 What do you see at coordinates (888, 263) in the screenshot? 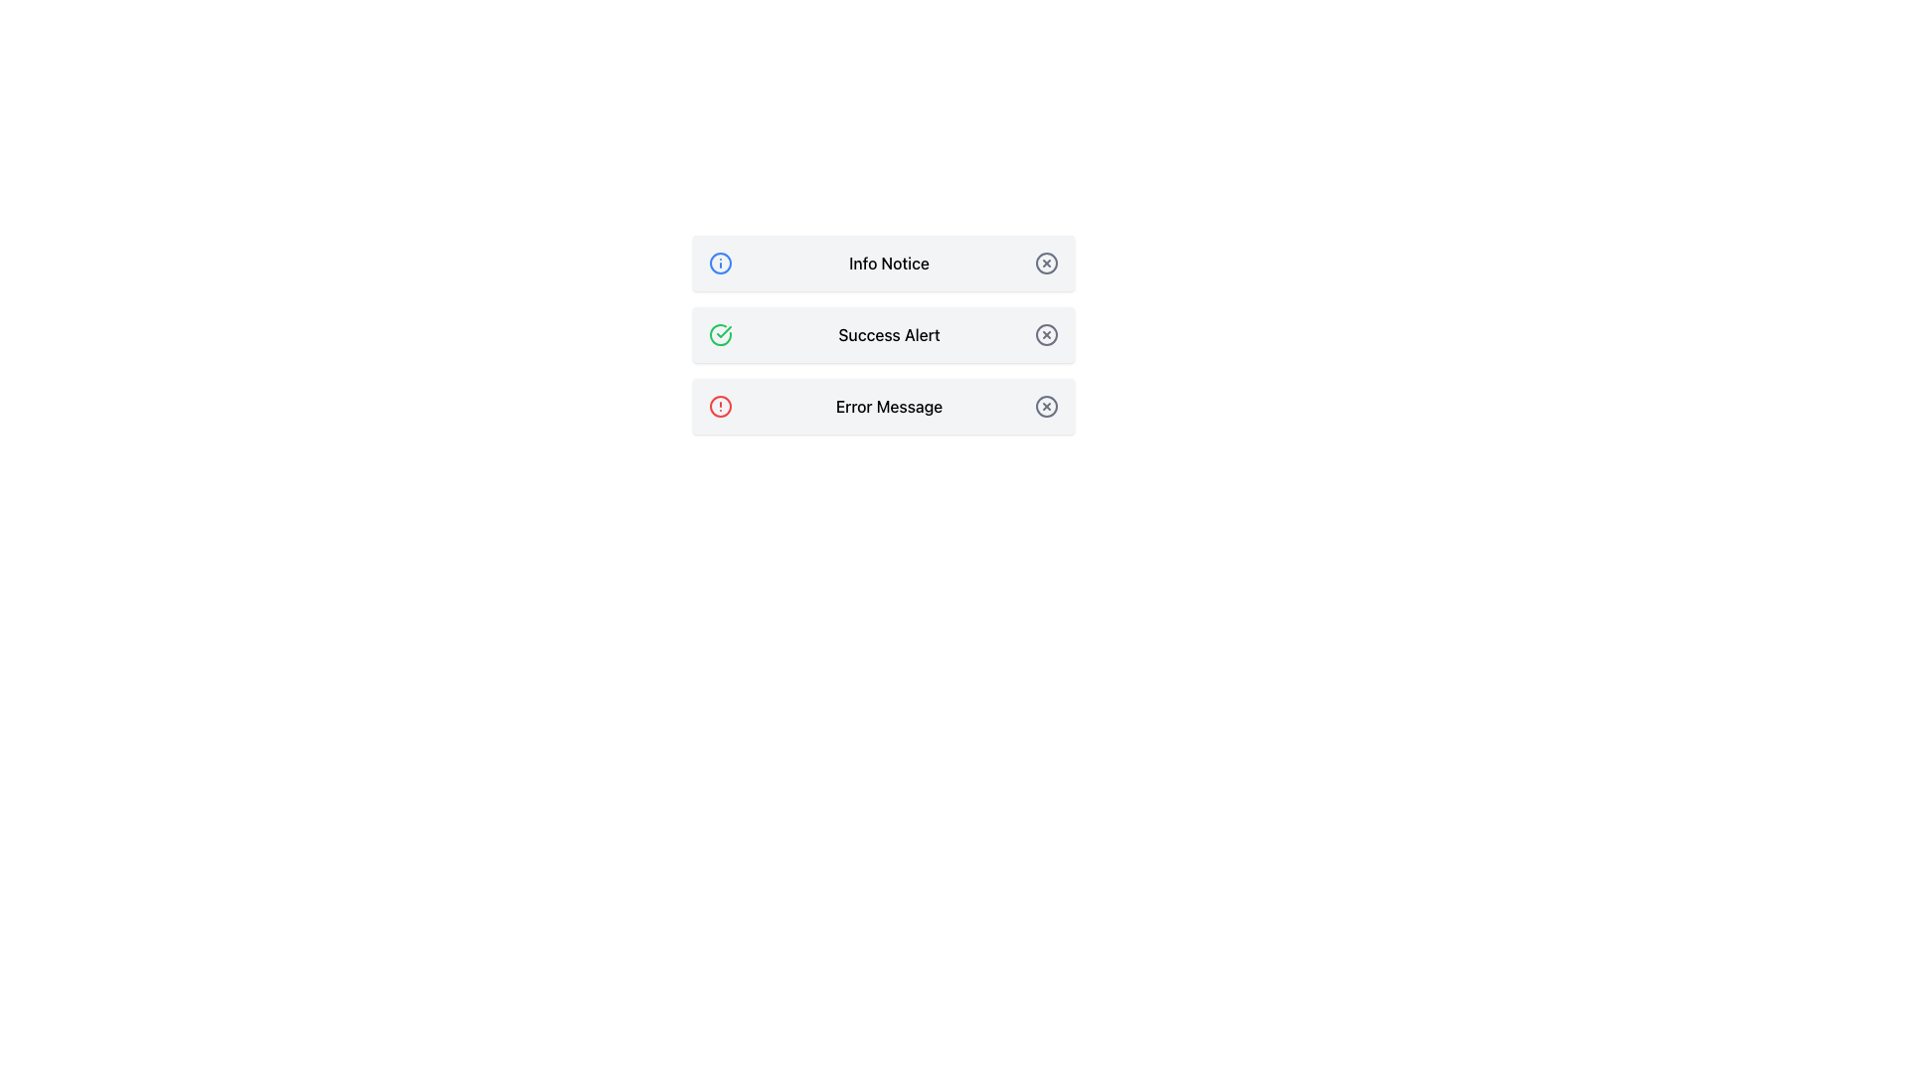
I see `the text label that serves as the title for the notification card, positioned centrally at the top of the three stacked notifications, between a blue icon and a 'close' icon` at bounding box center [888, 263].